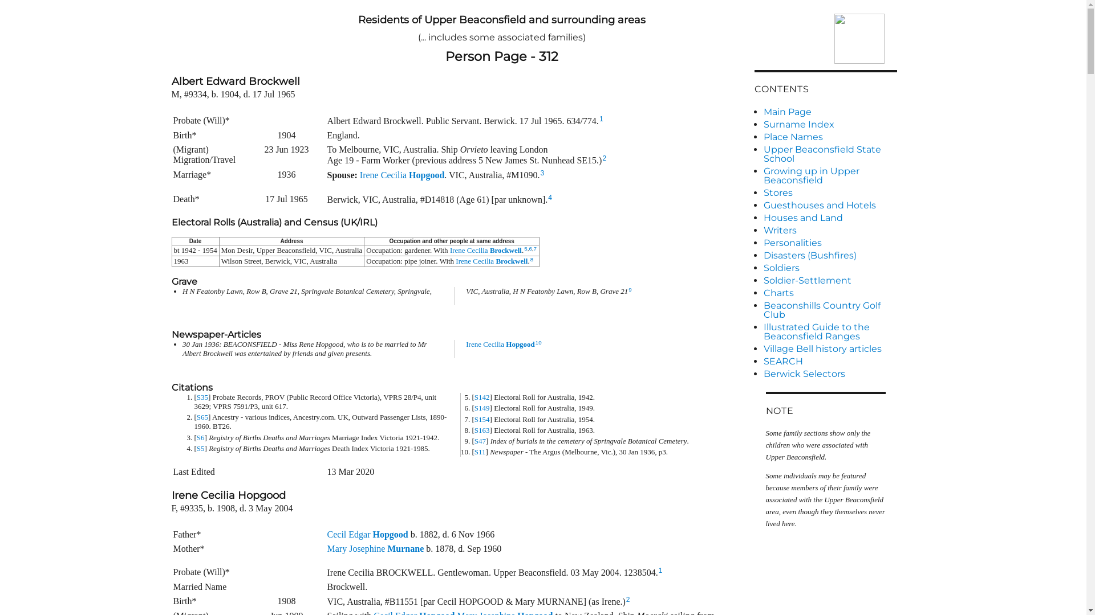 The width and height of the screenshot is (1095, 615). I want to click on 'Place Names', so click(829, 136).